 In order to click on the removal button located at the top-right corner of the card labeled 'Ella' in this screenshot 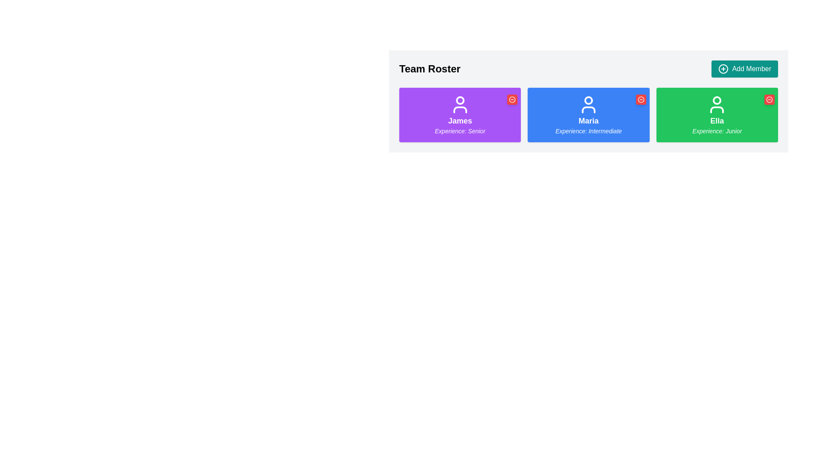, I will do `click(770, 99)`.